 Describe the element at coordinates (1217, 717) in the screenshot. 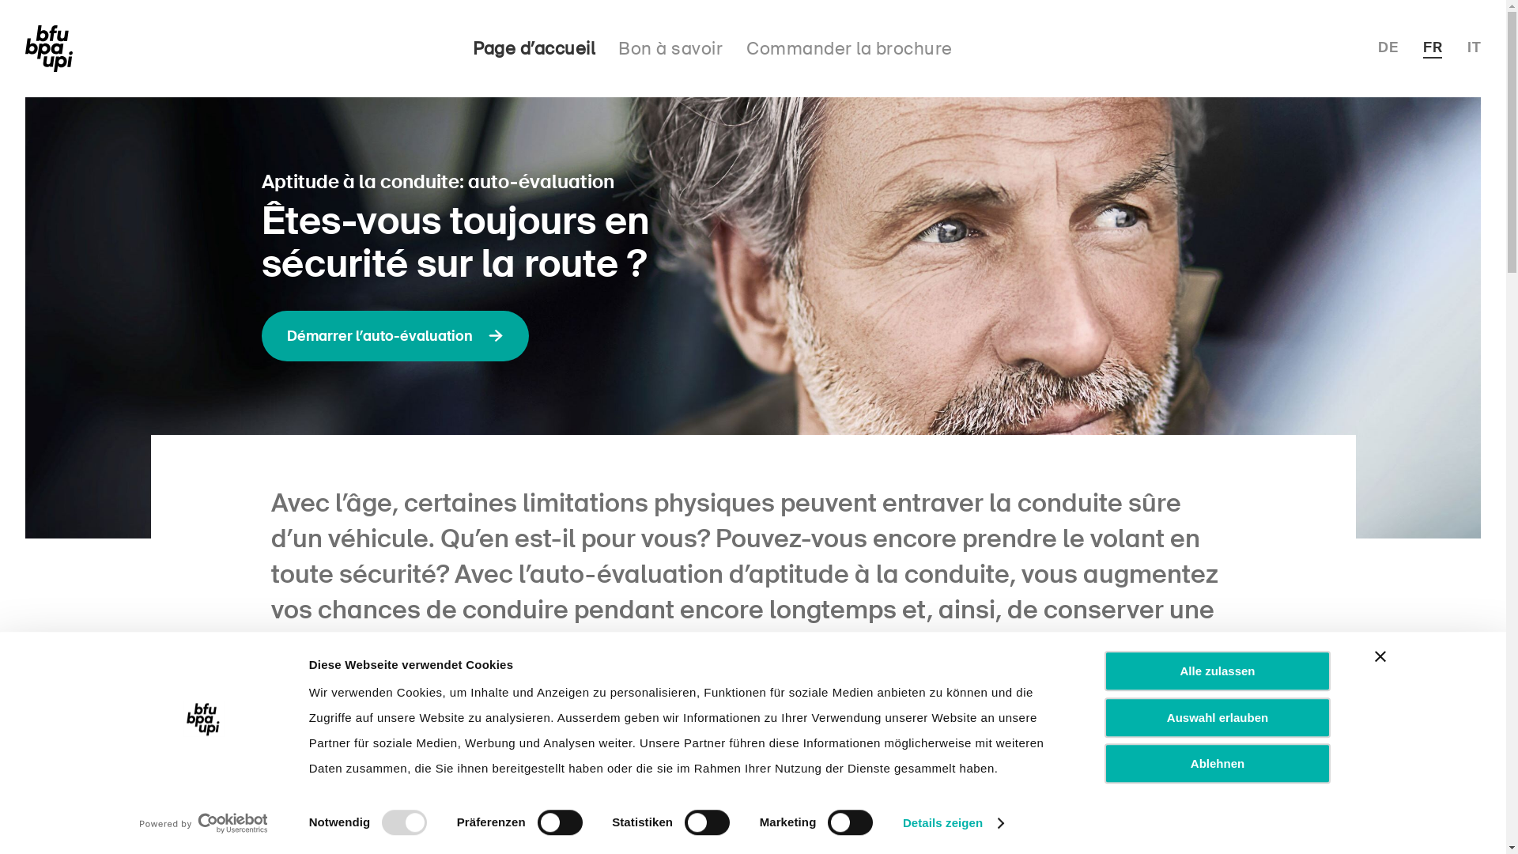

I see `'Auswahl erlauben'` at that location.